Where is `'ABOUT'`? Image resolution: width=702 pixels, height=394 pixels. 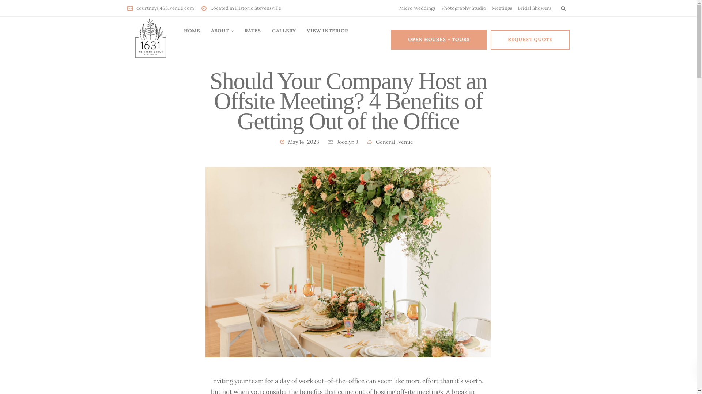
'ABOUT' is located at coordinates (222, 30).